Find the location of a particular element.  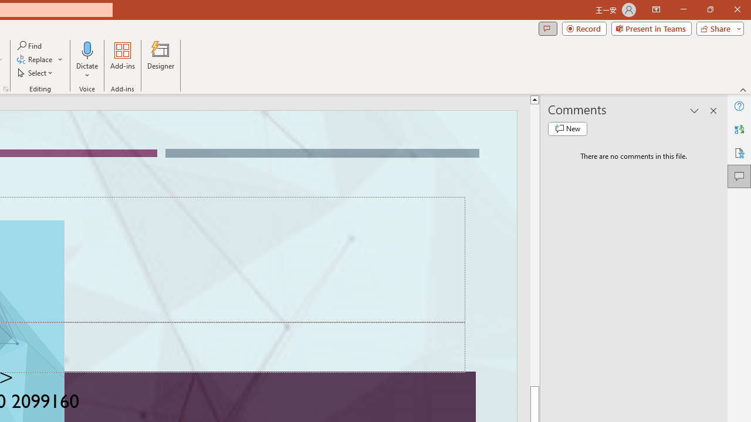

'Restore Down' is located at coordinates (709, 9).